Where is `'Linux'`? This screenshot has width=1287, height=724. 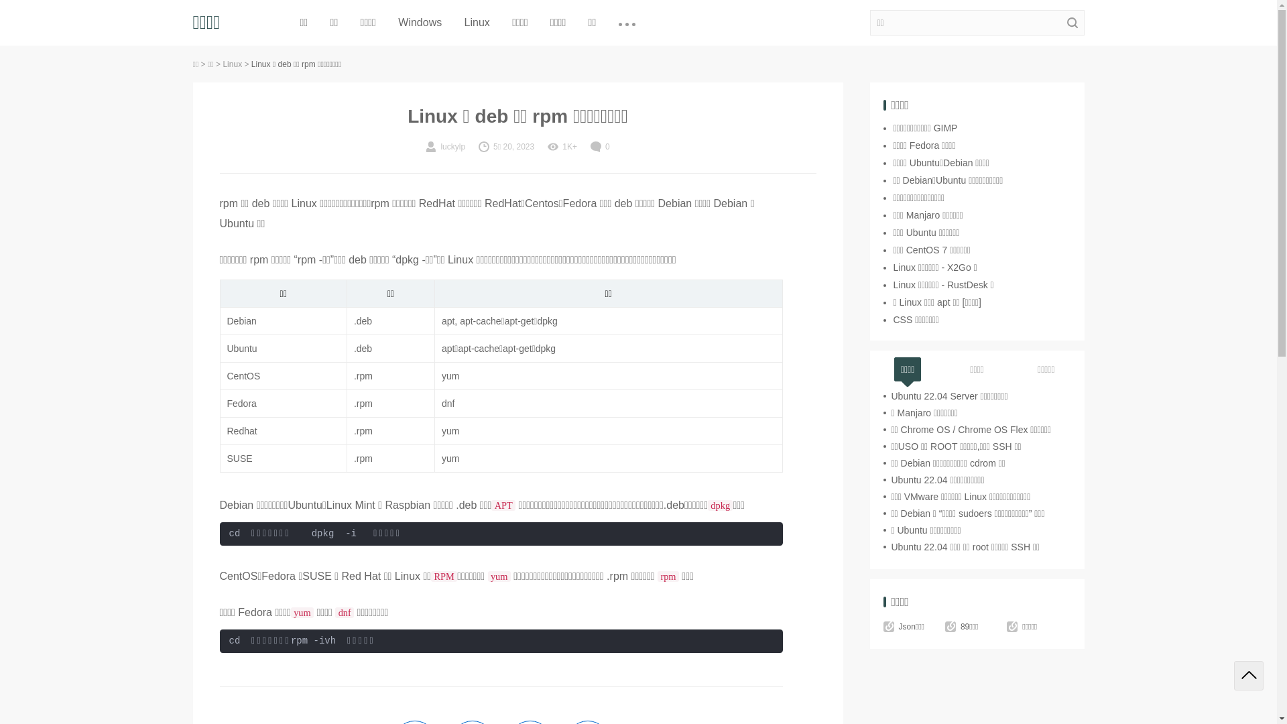
'Linux' is located at coordinates (232, 64).